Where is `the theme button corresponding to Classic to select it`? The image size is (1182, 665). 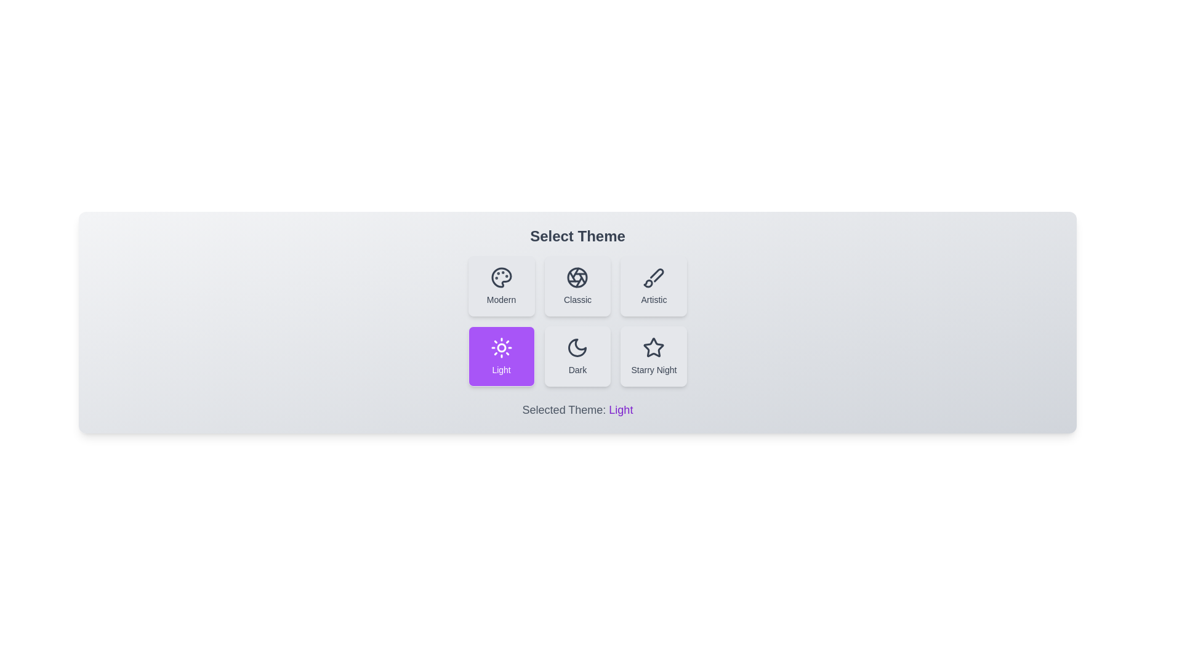
the theme button corresponding to Classic to select it is located at coordinates (577, 286).